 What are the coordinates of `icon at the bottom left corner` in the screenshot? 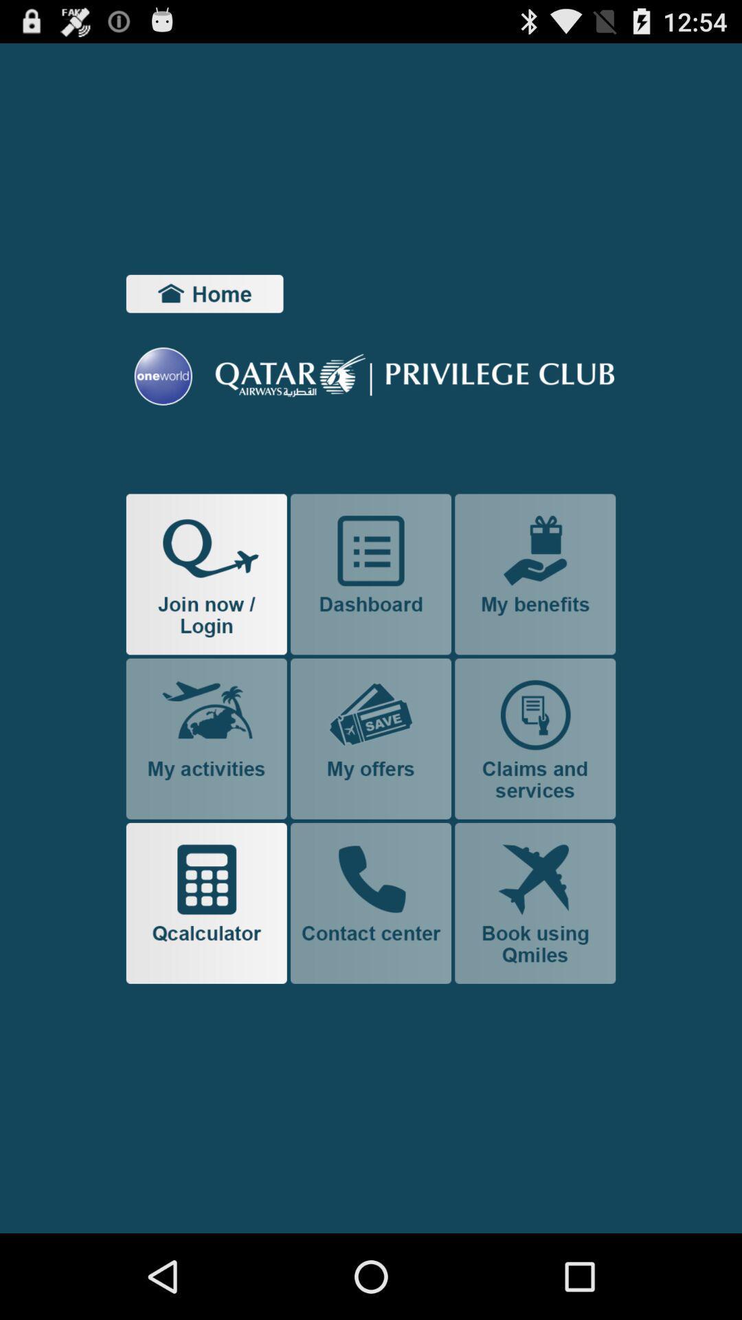 It's located at (206, 903).